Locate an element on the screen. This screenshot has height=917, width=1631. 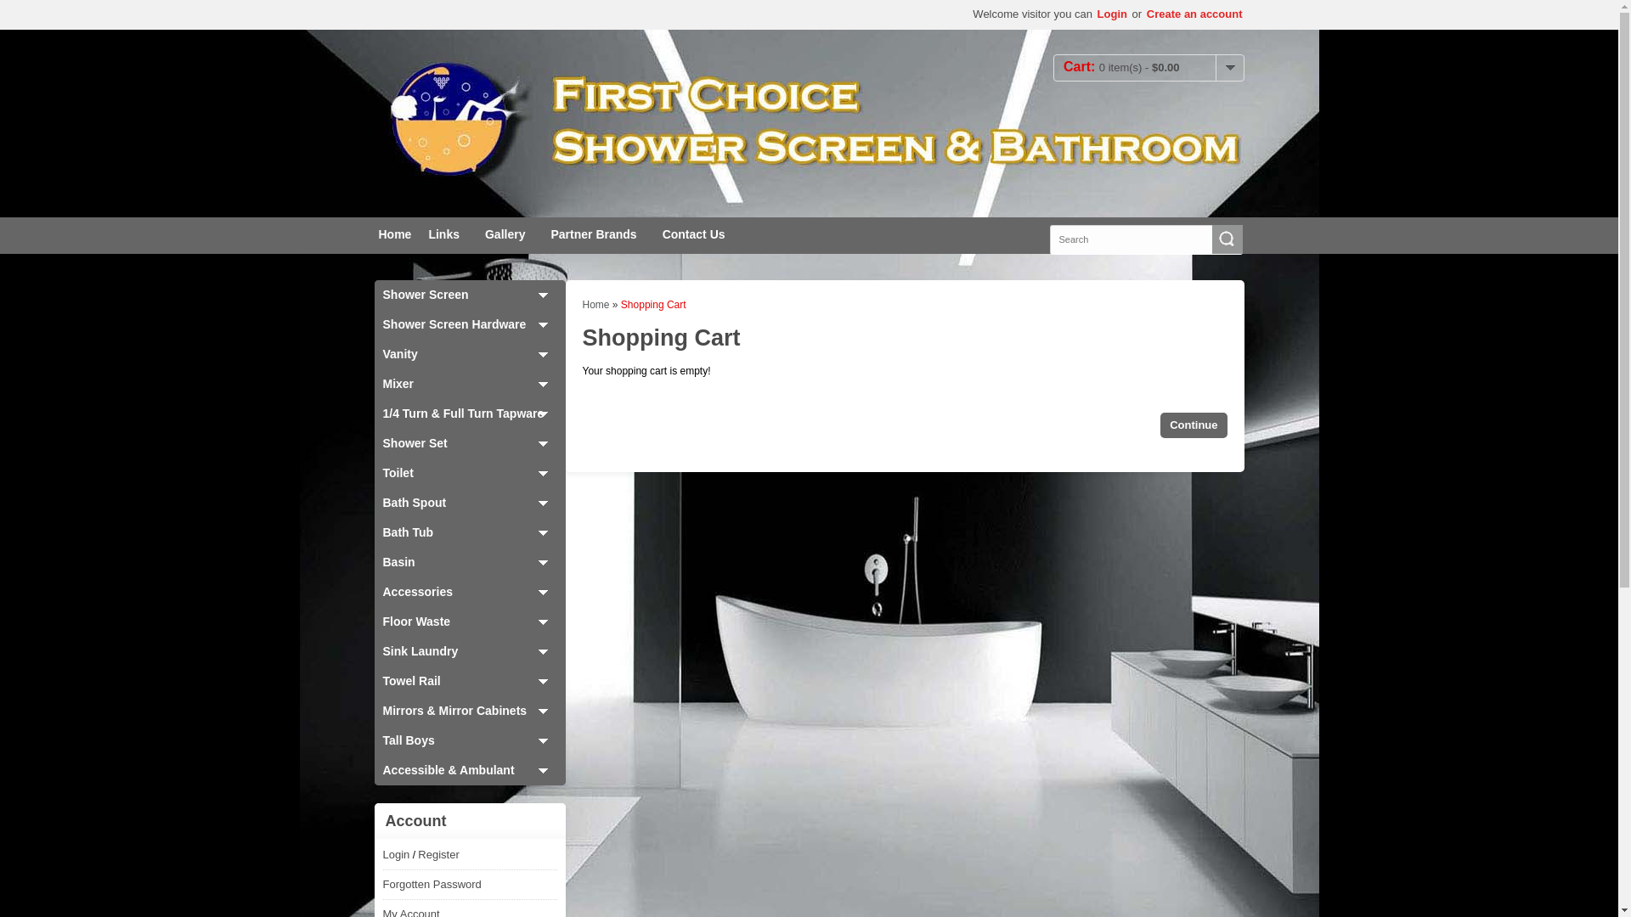
'Links' is located at coordinates (443, 235).